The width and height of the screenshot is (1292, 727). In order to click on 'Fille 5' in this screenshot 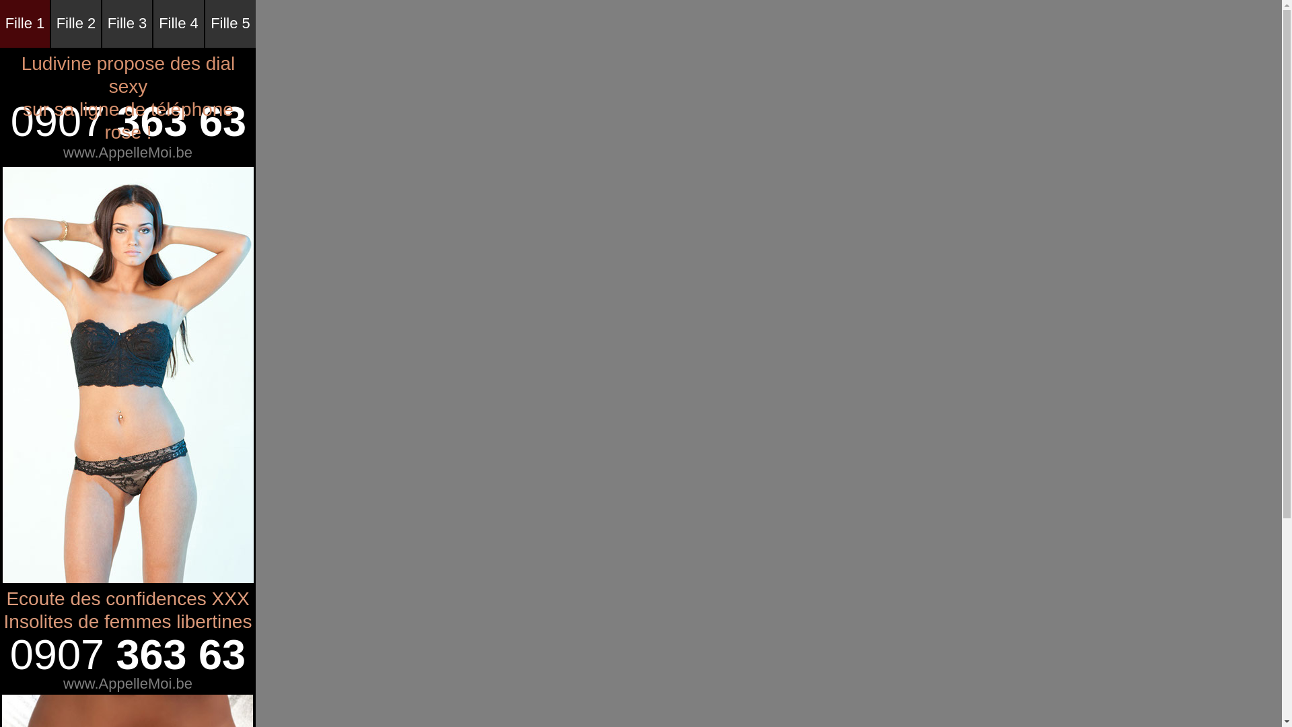, I will do `click(230, 24)`.